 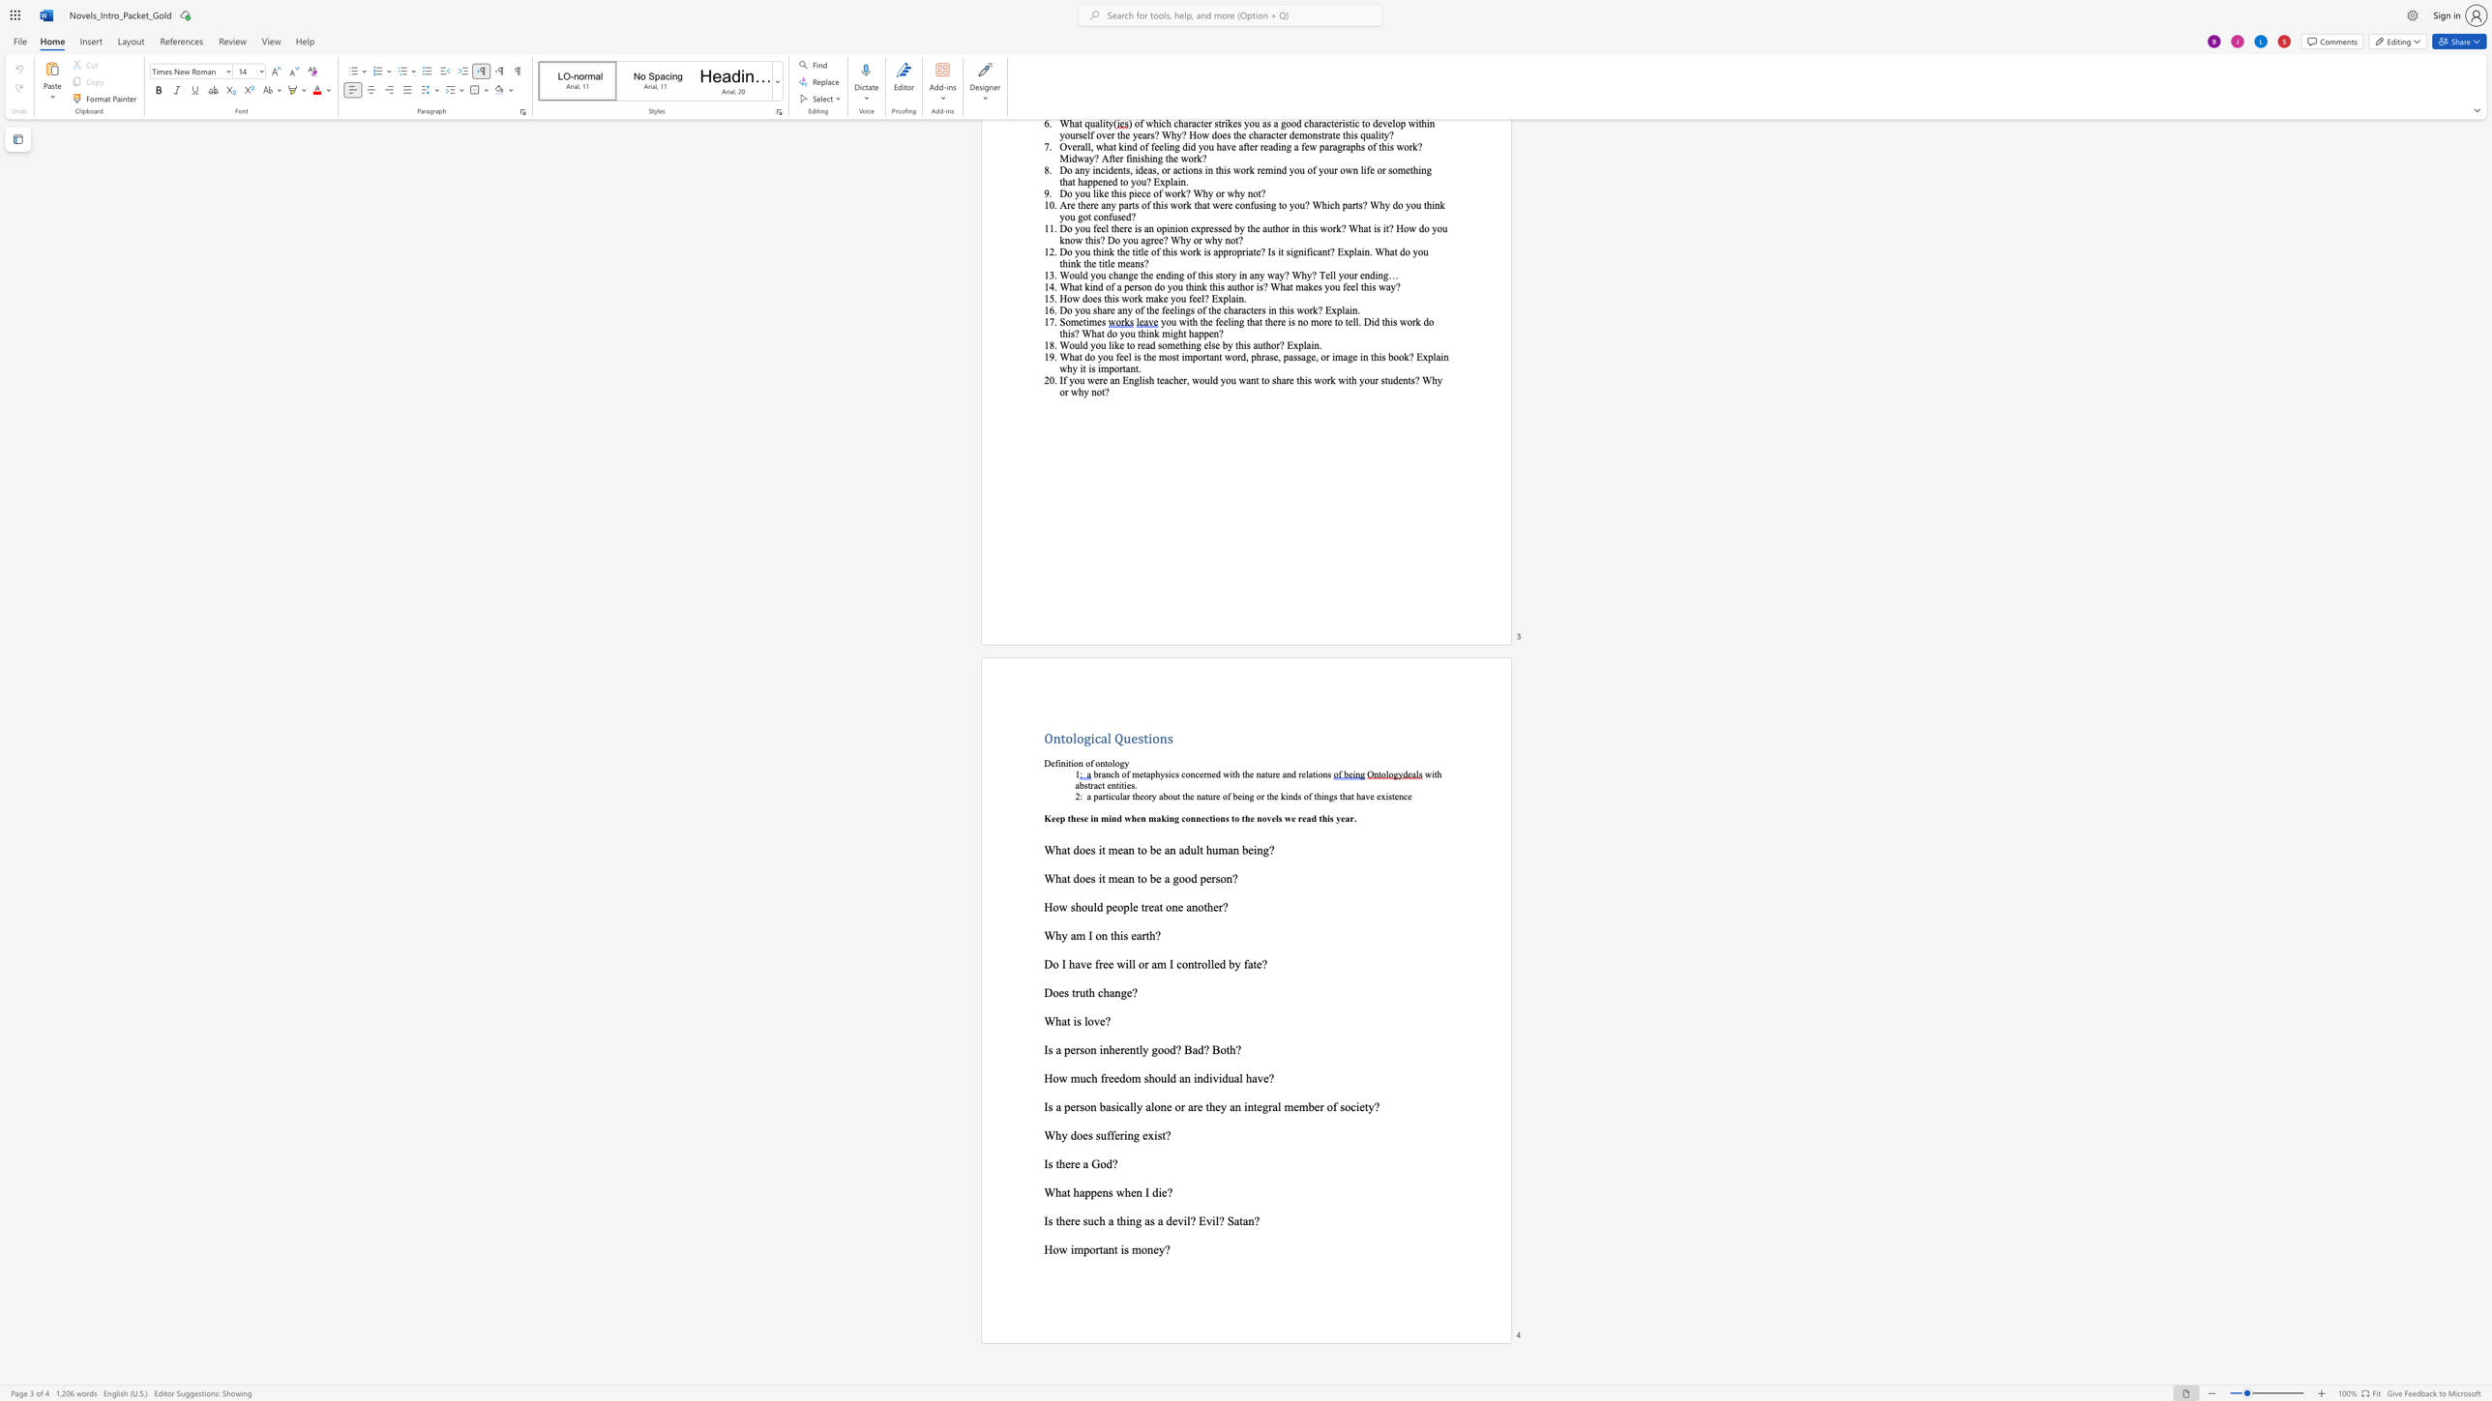 I want to click on the 1th character "f" in the text, so click(x=1101, y=1077).